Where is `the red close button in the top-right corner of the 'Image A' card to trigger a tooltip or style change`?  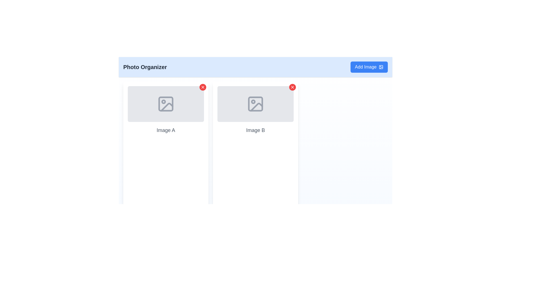
the red close button in the top-right corner of the 'Image A' card to trigger a tooltip or style change is located at coordinates (203, 87).